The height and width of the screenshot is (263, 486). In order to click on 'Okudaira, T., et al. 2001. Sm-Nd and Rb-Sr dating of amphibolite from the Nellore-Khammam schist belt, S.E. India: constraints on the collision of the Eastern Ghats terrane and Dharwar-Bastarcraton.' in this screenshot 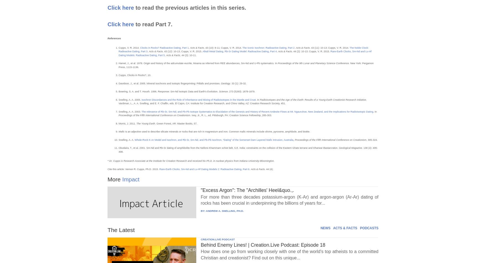, I will do `click(118, 148)`.